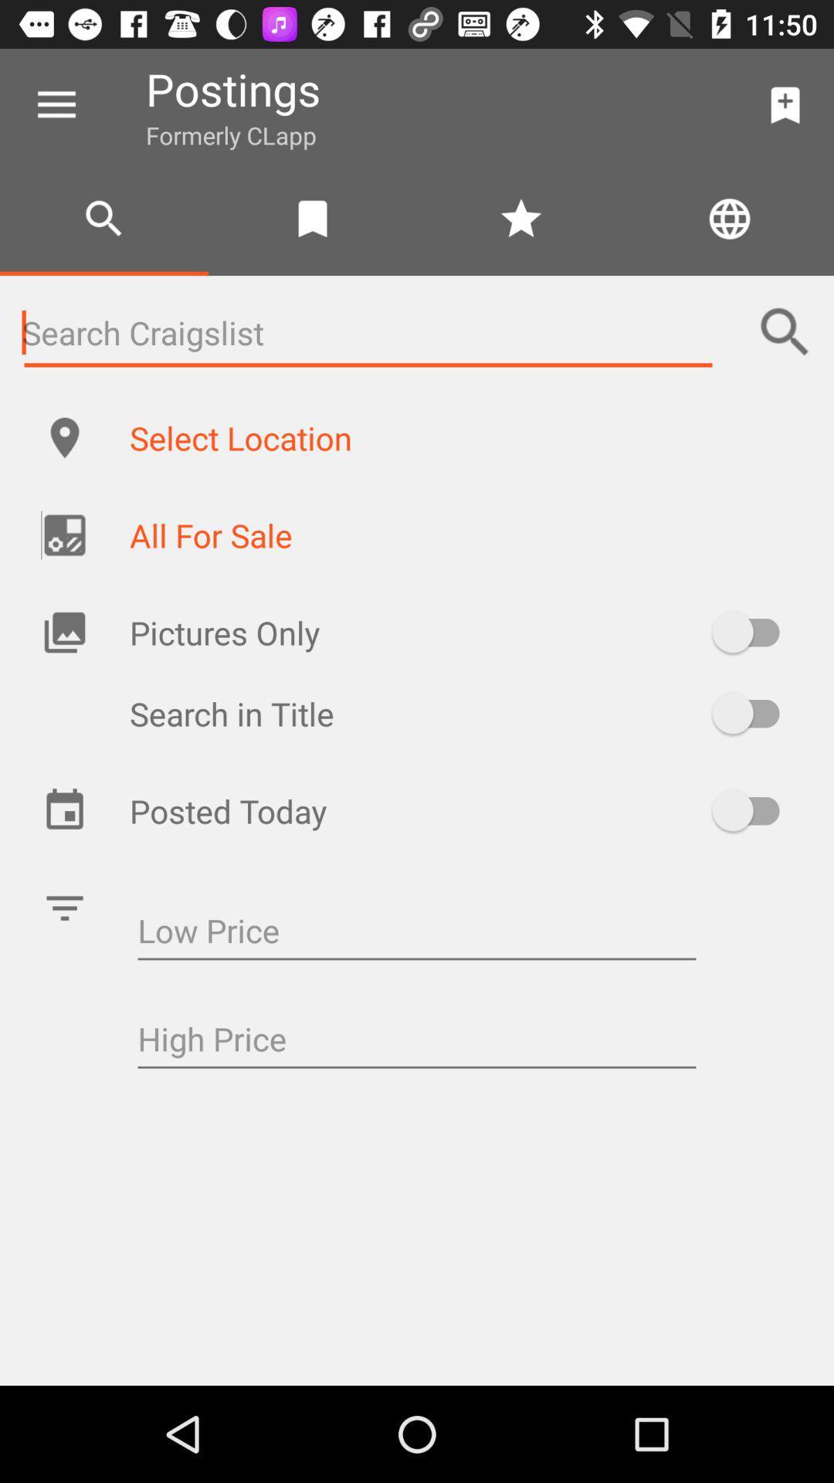  I want to click on the icon next to the postings icon, so click(56, 104).